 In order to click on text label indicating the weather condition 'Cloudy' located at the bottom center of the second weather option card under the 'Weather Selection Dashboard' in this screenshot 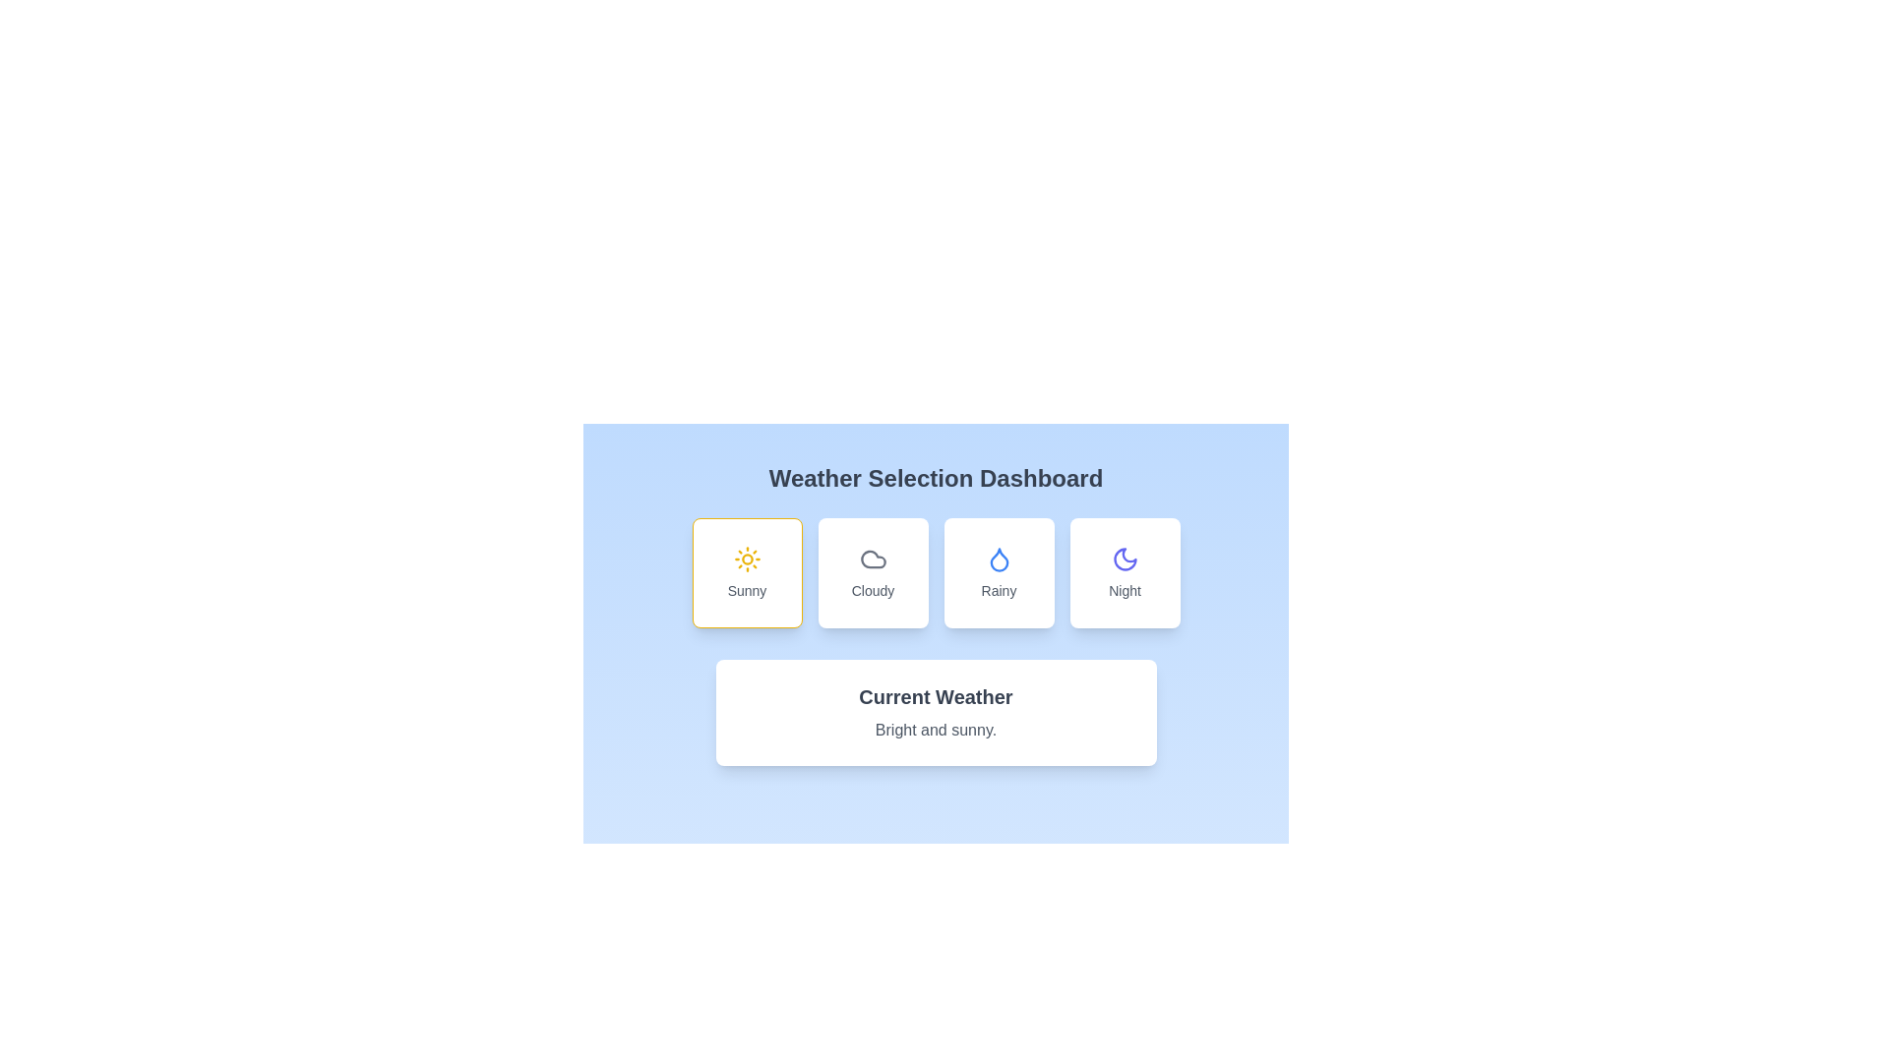, I will do `click(872, 590)`.